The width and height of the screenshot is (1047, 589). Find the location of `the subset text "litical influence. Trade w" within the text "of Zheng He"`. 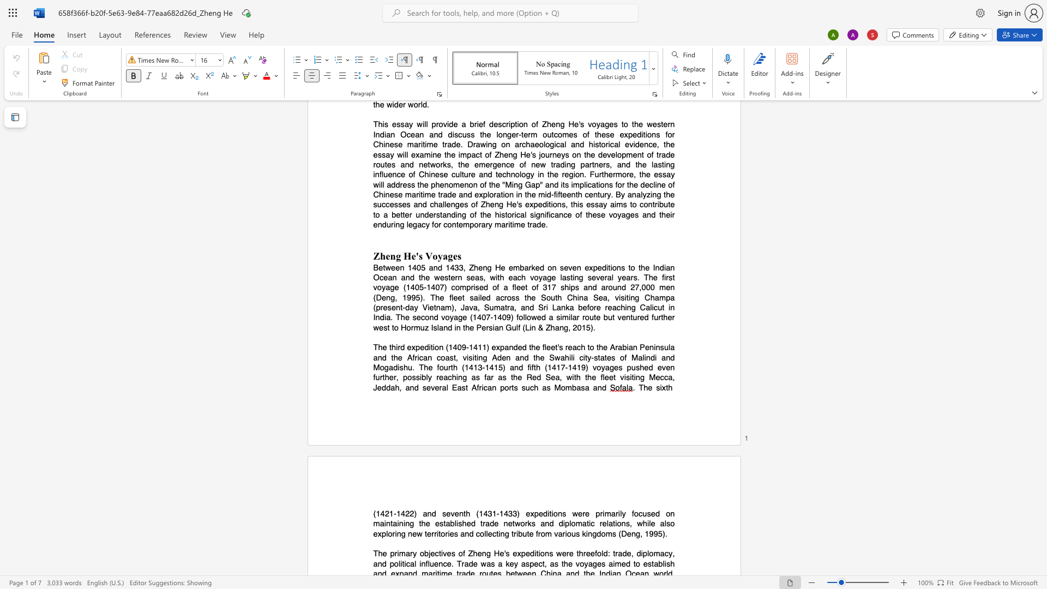

the subset text "litical influence. Trade w" within the text "of Zheng He" is located at coordinates (398, 563).